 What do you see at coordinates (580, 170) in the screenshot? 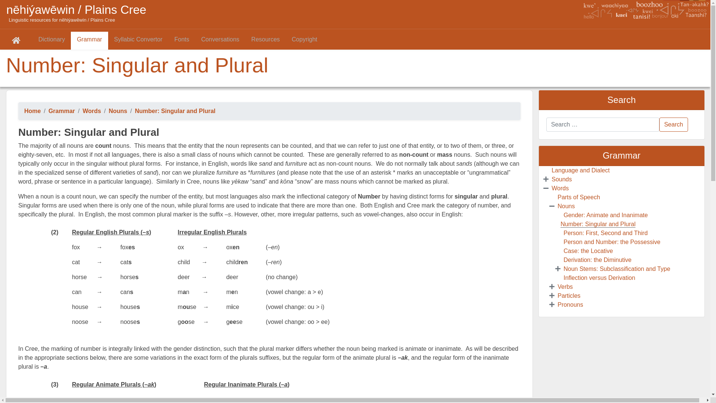
I see `'Language and Dialect'` at bounding box center [580, 170].